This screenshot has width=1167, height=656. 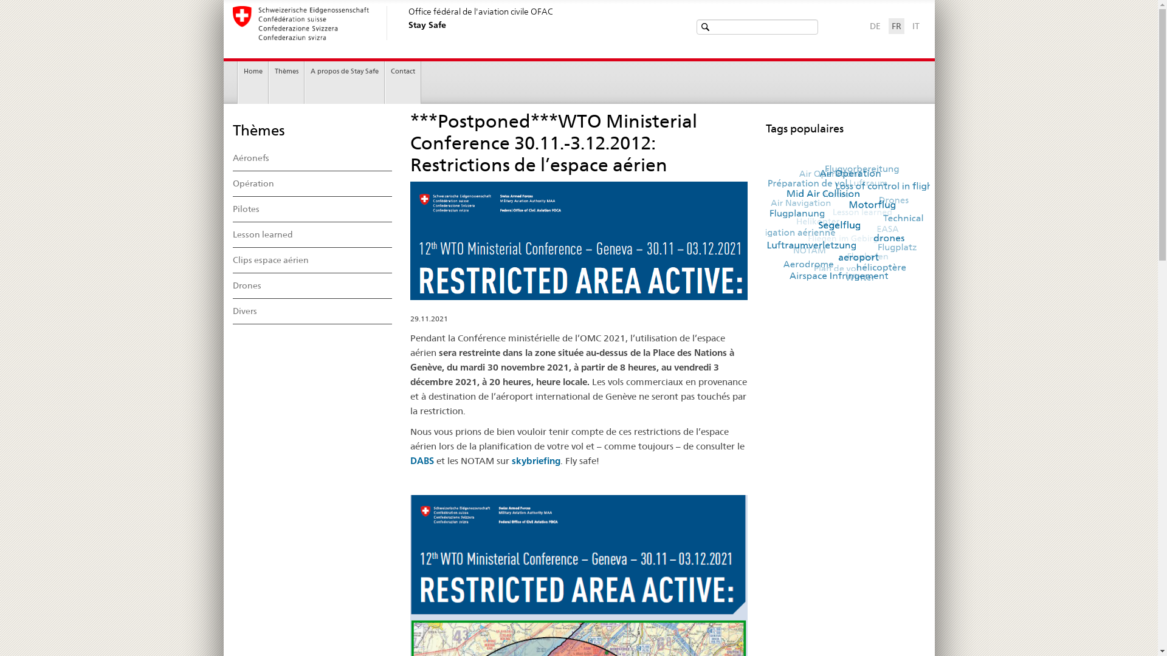 I want to click on 'DABS', so click(x=422, y=460).